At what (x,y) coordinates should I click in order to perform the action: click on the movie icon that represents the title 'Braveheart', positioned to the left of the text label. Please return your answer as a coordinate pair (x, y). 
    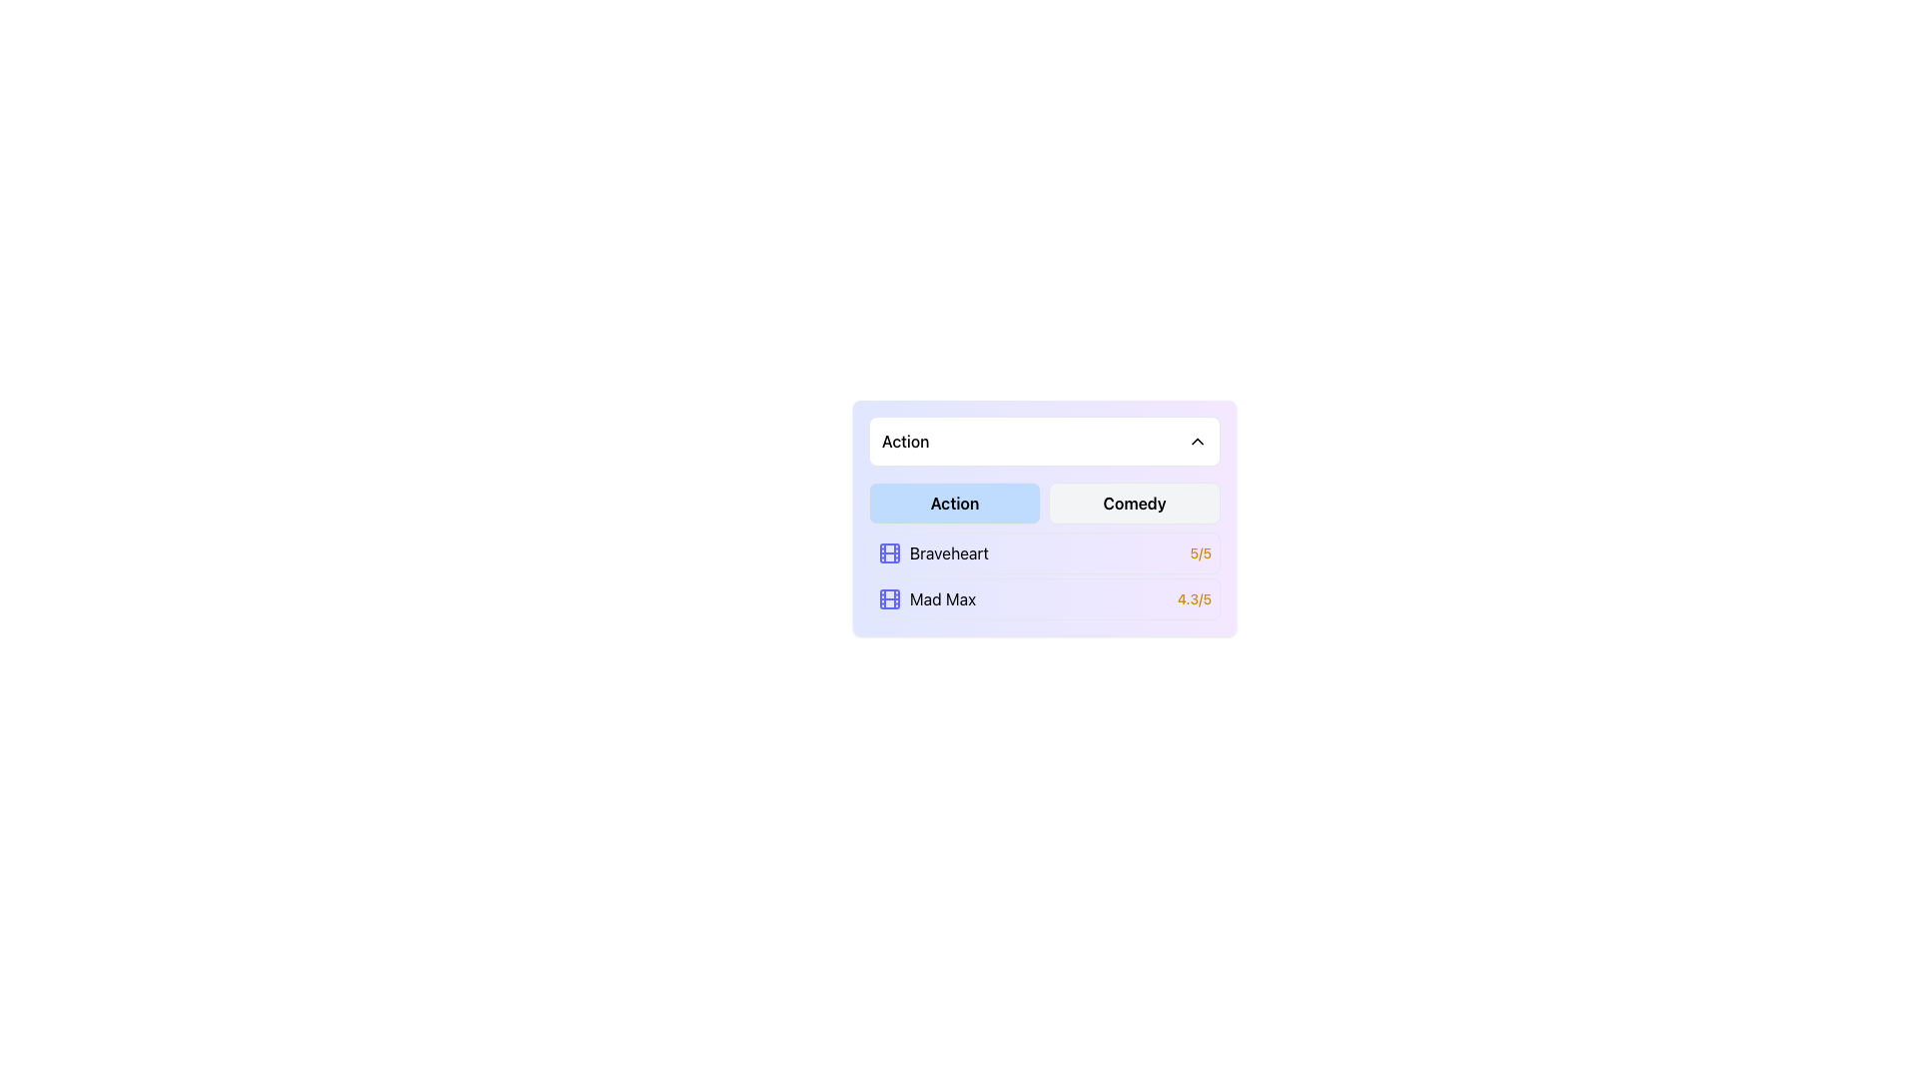
    Looking at the image, I should click on (889, 553).